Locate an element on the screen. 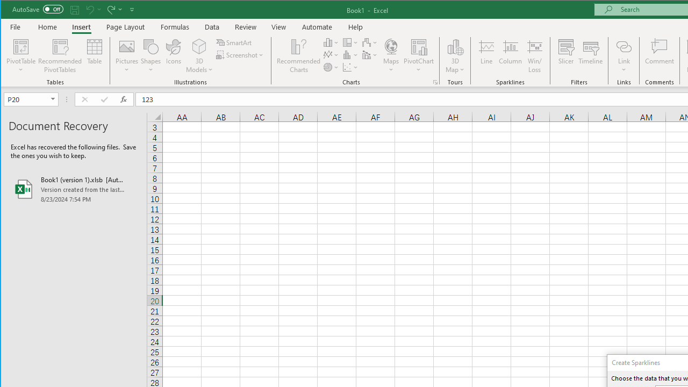 The height and width of the screenshot is (387, 688). 'Insert Waterfall, Funnel, Stock, Surface, or Radar Chart' is located at coordinates (370, 42).